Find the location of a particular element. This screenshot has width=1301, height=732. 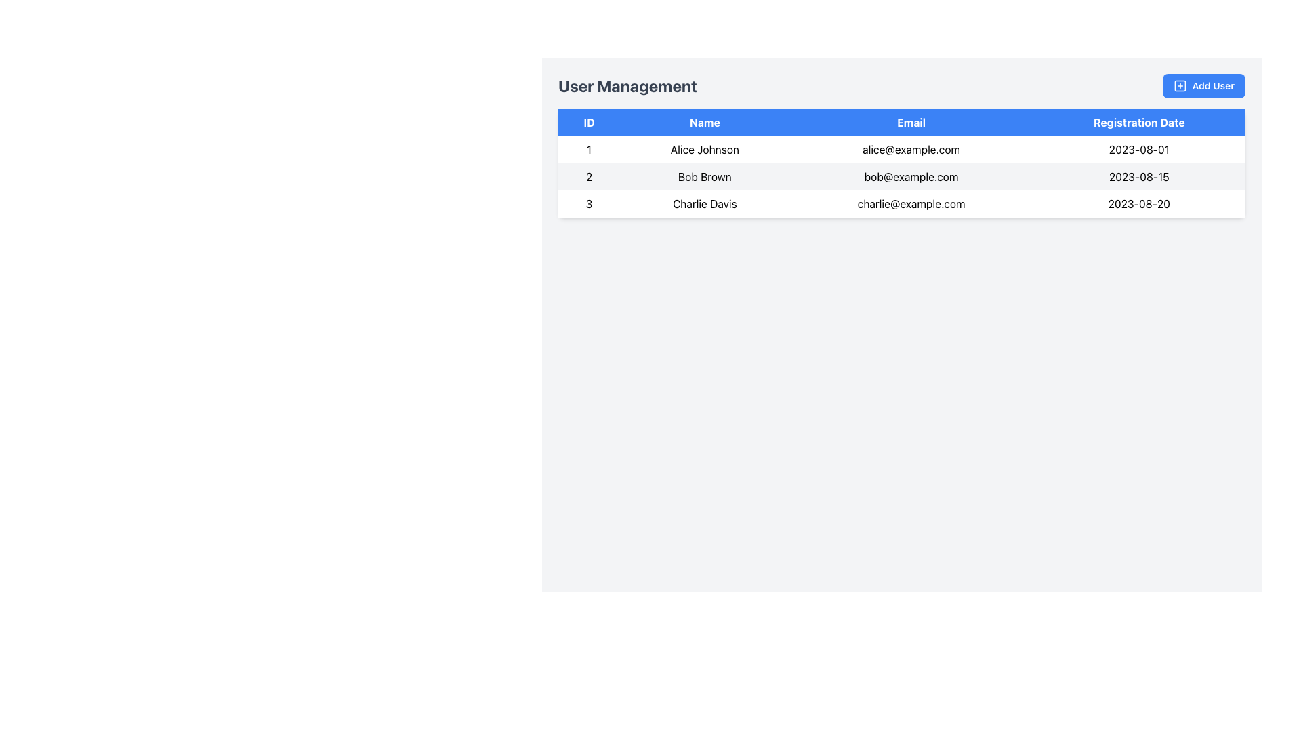

the static text displaying the user's email address located in the third column of the first row of the table under the 'Email' header is located at coordinates (911, 149).